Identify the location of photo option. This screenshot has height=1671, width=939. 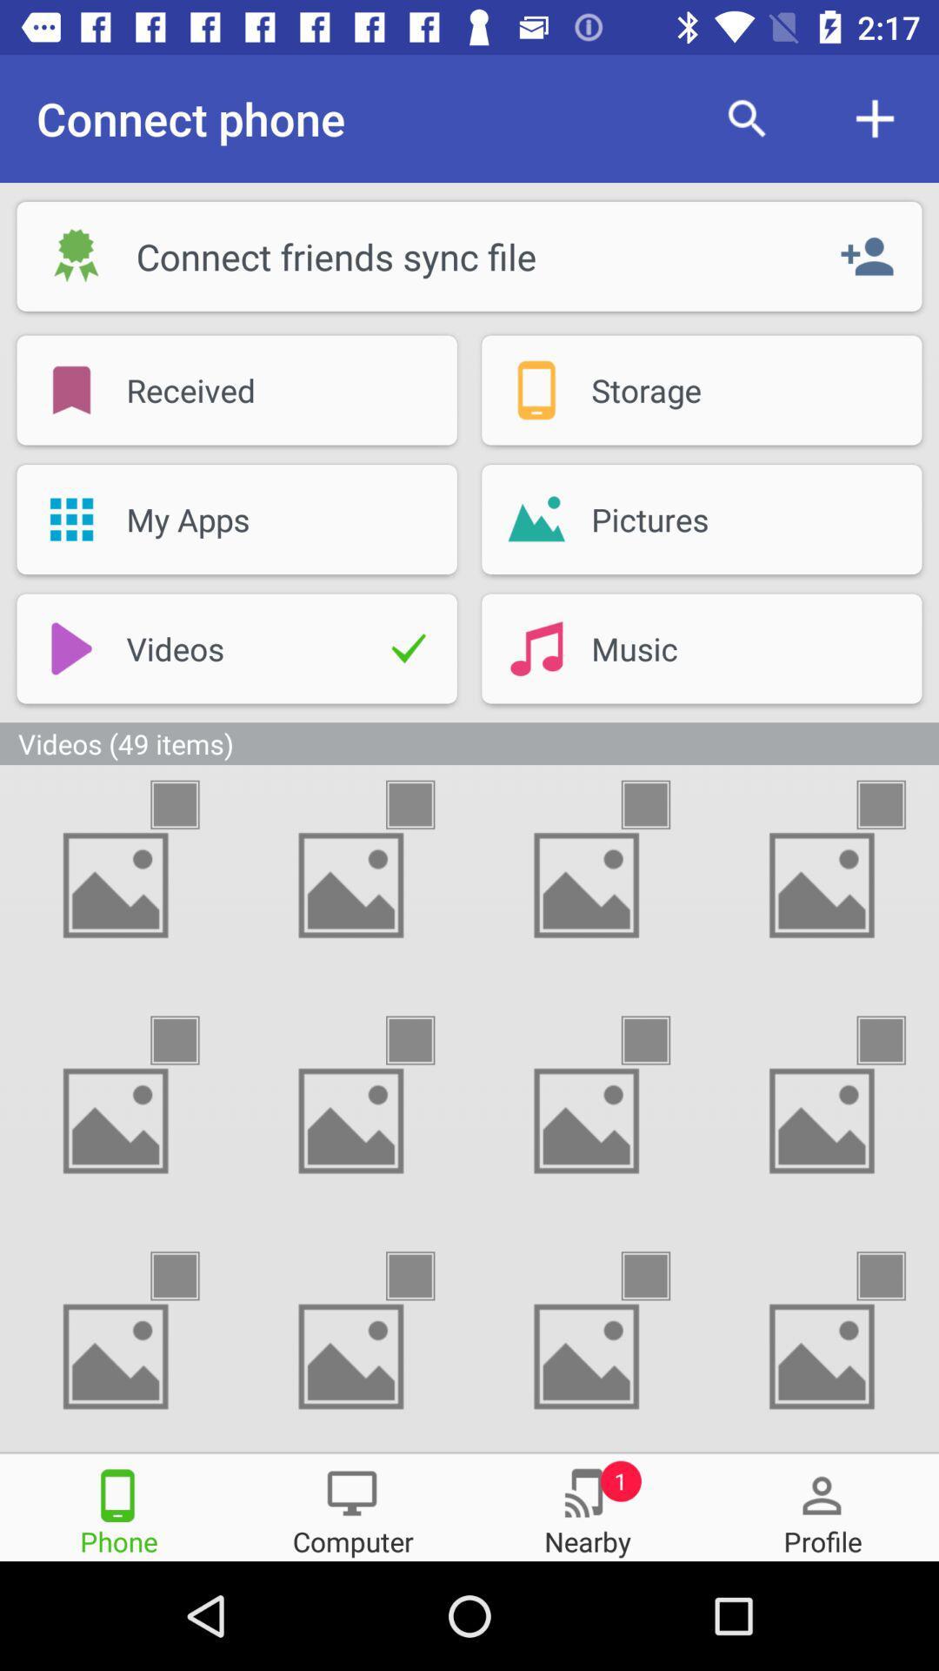
(190, 1276).